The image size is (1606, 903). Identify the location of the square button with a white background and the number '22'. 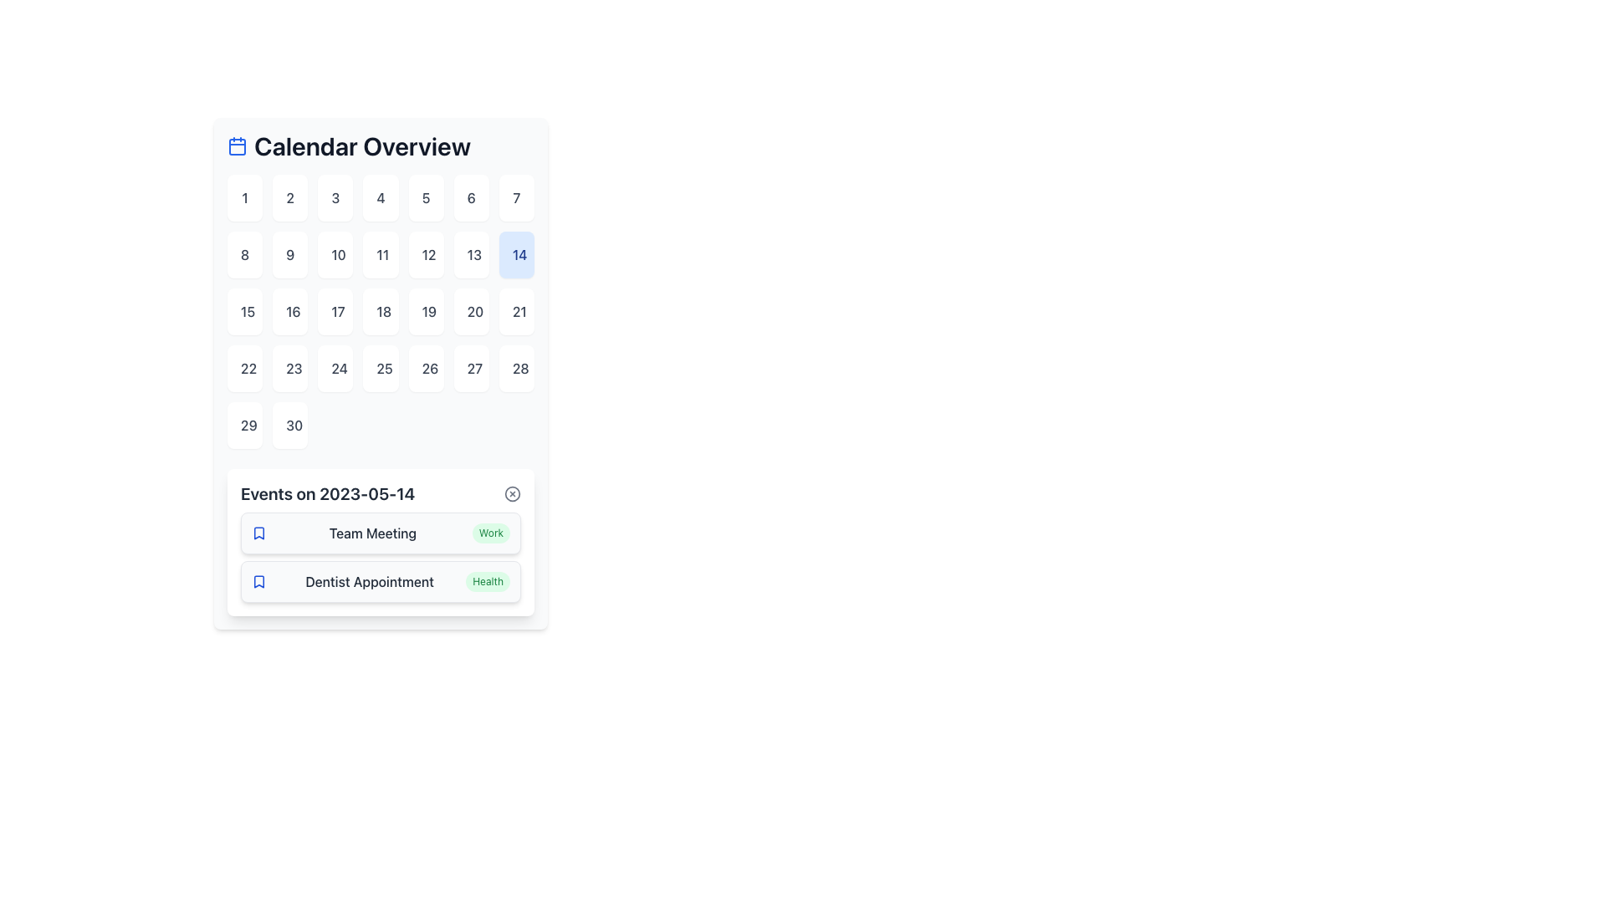
(243, 367).